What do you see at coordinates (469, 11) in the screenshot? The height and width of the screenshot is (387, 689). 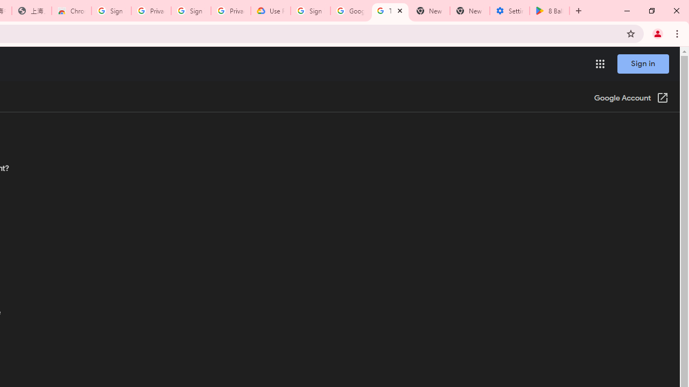 I see `'New Tab'` at bounding box center [469, 11].